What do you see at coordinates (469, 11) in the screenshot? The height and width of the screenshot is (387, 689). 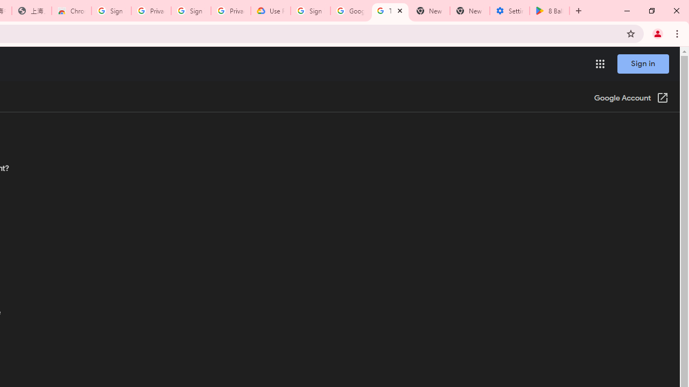 I see `'New Tab'` at bounding box center [469, 11].